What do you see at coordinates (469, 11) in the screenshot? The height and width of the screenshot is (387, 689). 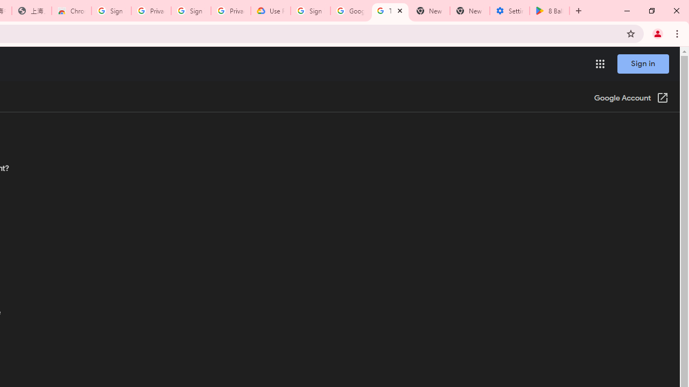 I see `'New Tab'` at bounding box center [469, 11].